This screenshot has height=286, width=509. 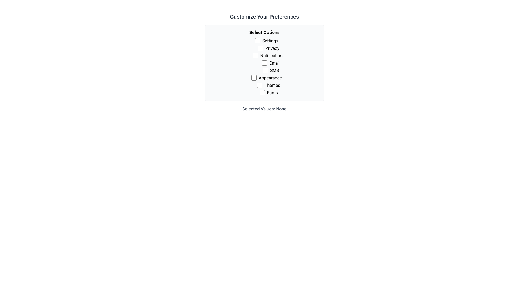 What do you see at coordinates (269, 92) in the screenshot?
I see `the 'Fonts' label of the last checkbox in the 'Select Options' section beneath the 'Themes' option` at bounding box center [269, 92].